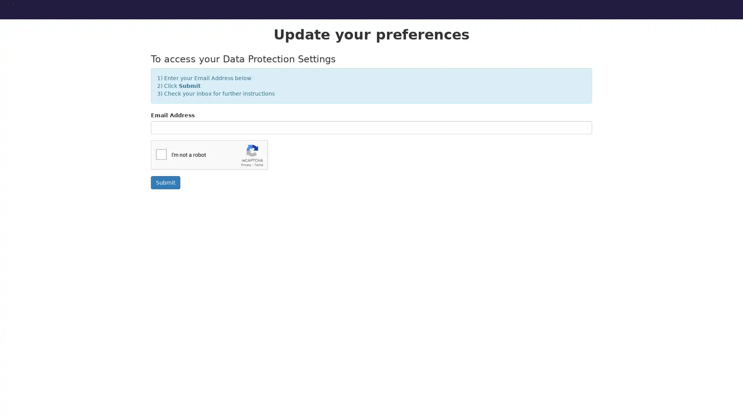  Describe the element at coordinates (165, 182) in the screenshot. I see `Submit` at that location.